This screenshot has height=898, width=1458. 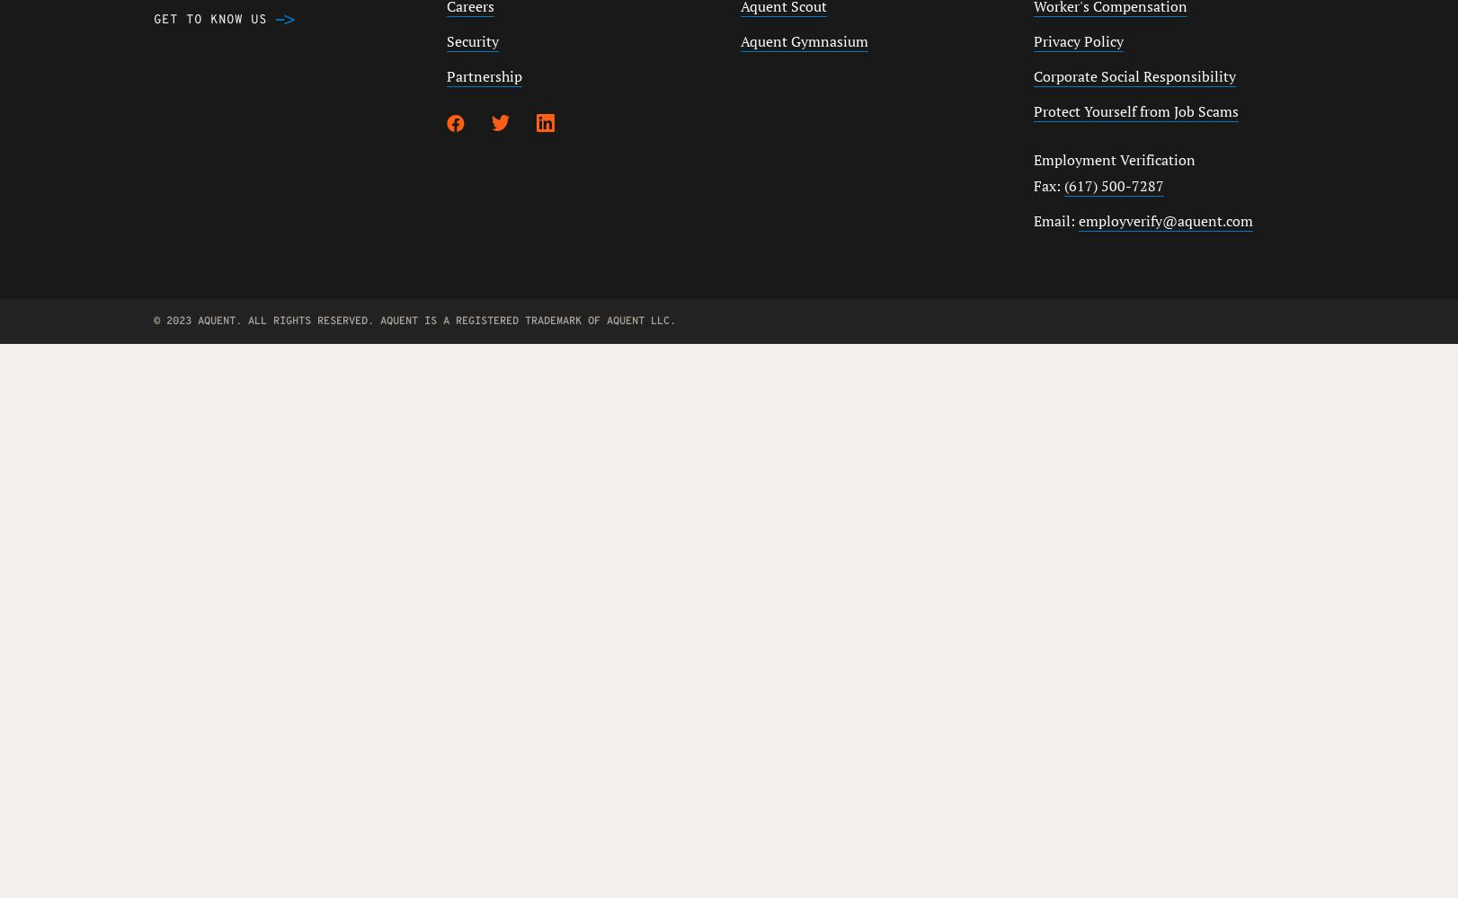 I want to click on 'Protect Yourself from Job Scams', so click(x=1134, y=110).